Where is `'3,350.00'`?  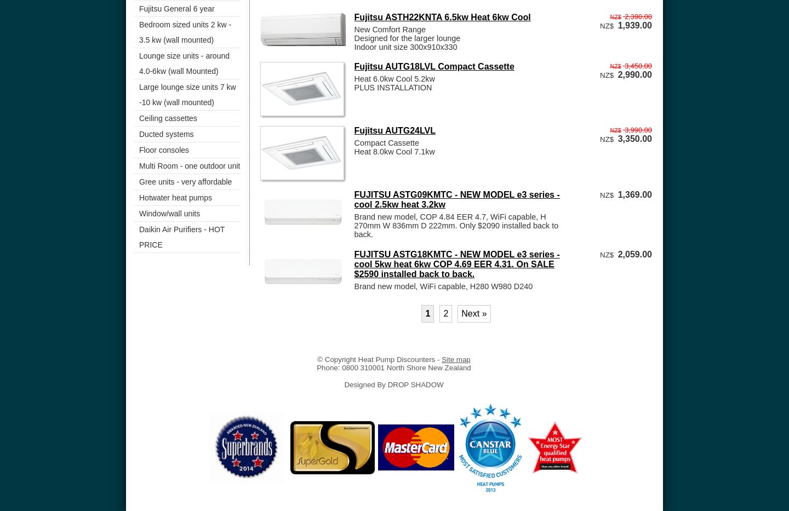 '3,350.00' is located at coordinates (634, 138).